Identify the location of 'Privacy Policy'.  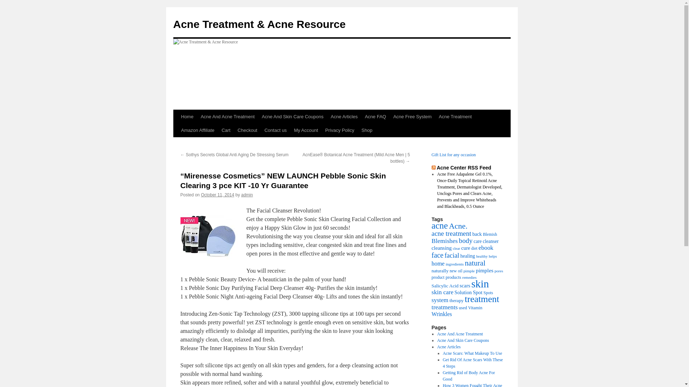
(339, 130).